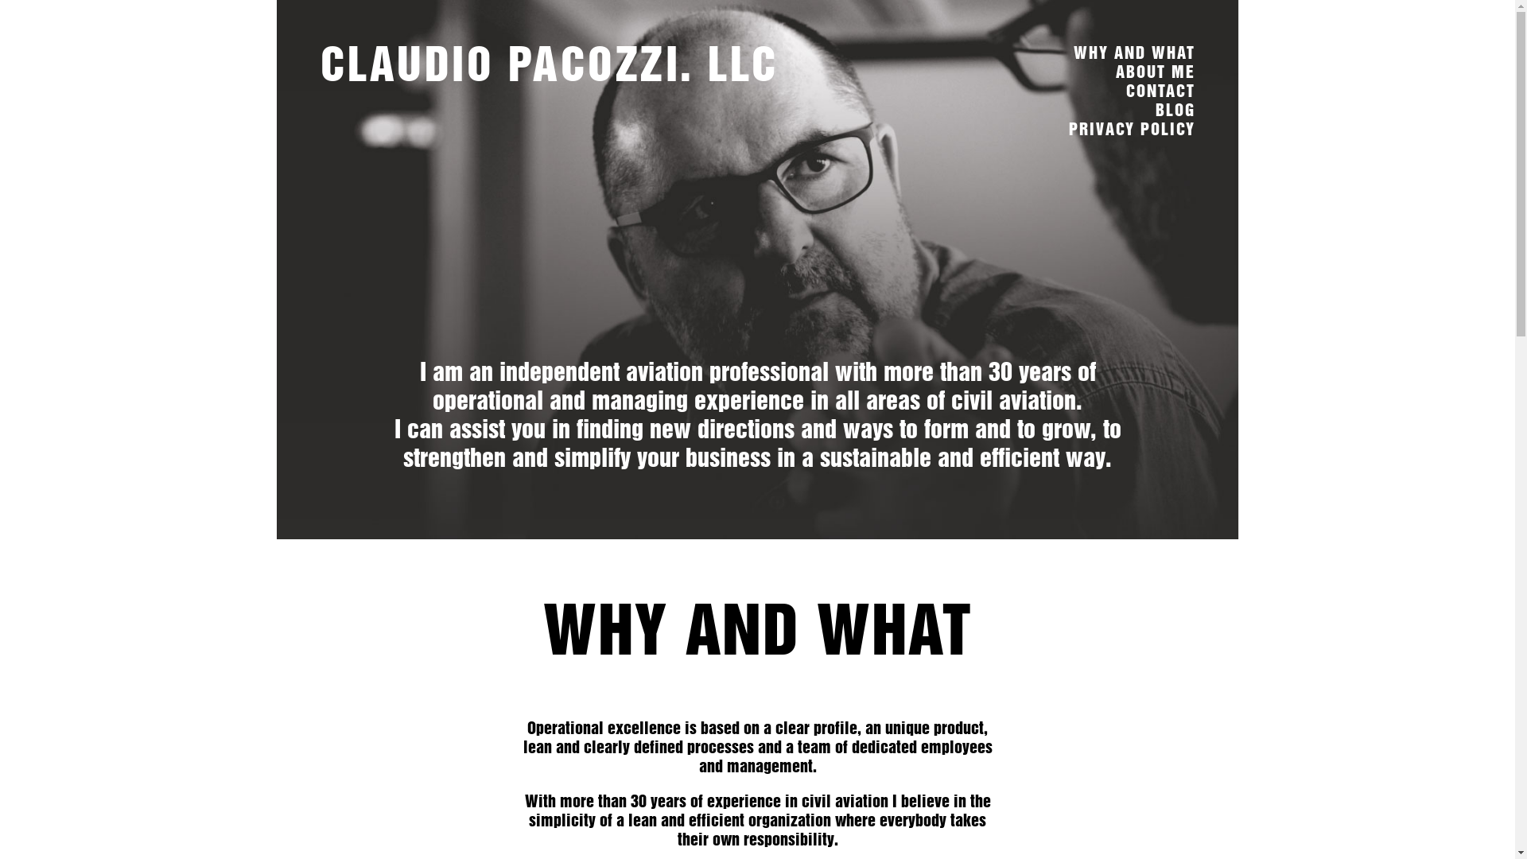  I want to click on 'WHY AND WHAT', so click(1073, 52).